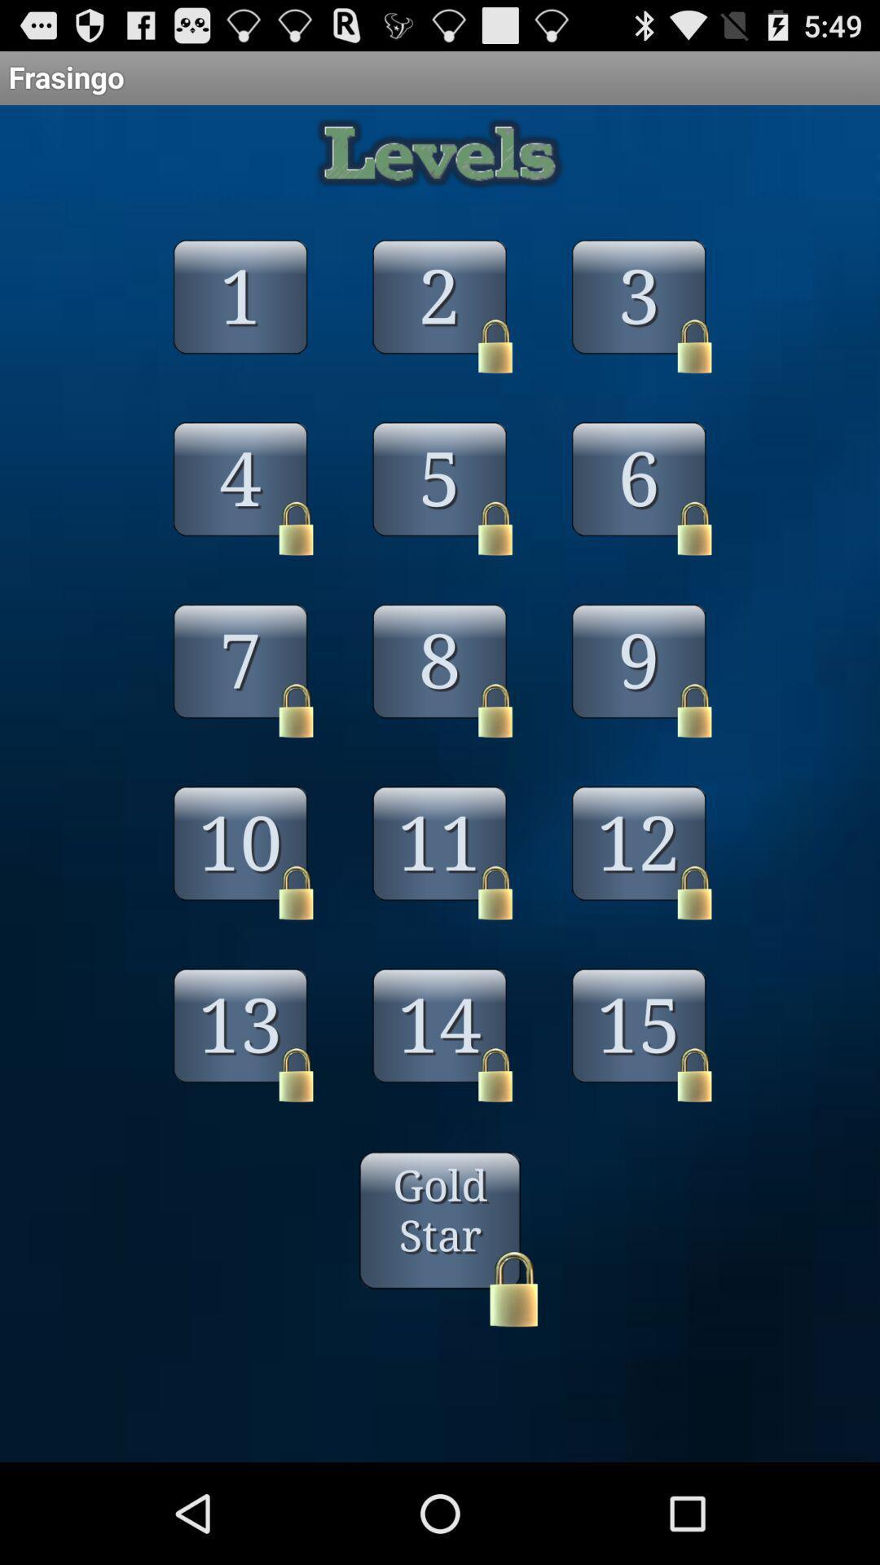 The width and height of the screenshot is (880, 1565). Describe the element at coordinates (240, 341) in the screenshot. I see `the facebook icon` at that location.